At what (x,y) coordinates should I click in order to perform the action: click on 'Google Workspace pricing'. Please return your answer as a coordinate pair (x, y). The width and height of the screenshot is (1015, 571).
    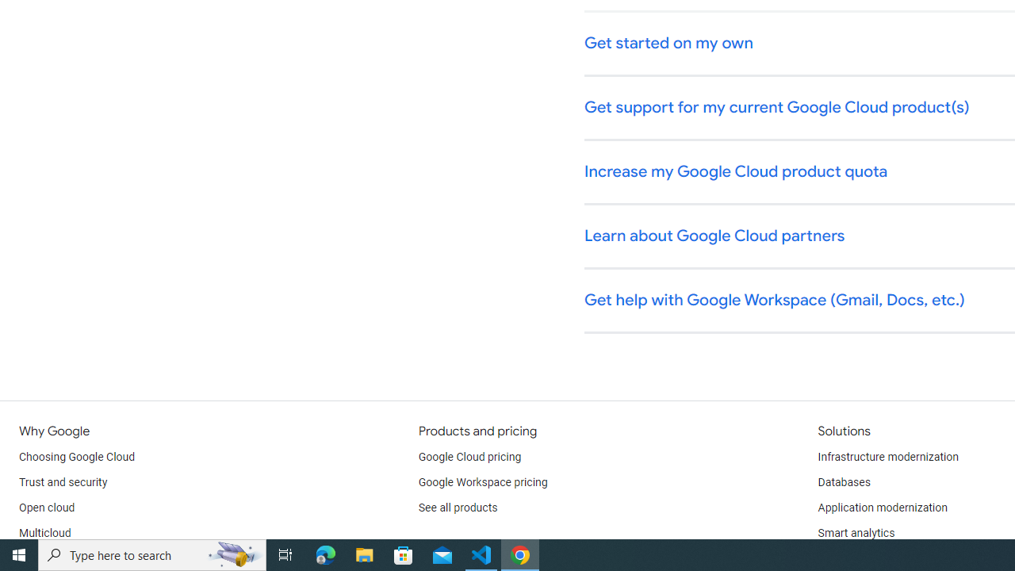
    Looking at the image, I should click on (482, 482).